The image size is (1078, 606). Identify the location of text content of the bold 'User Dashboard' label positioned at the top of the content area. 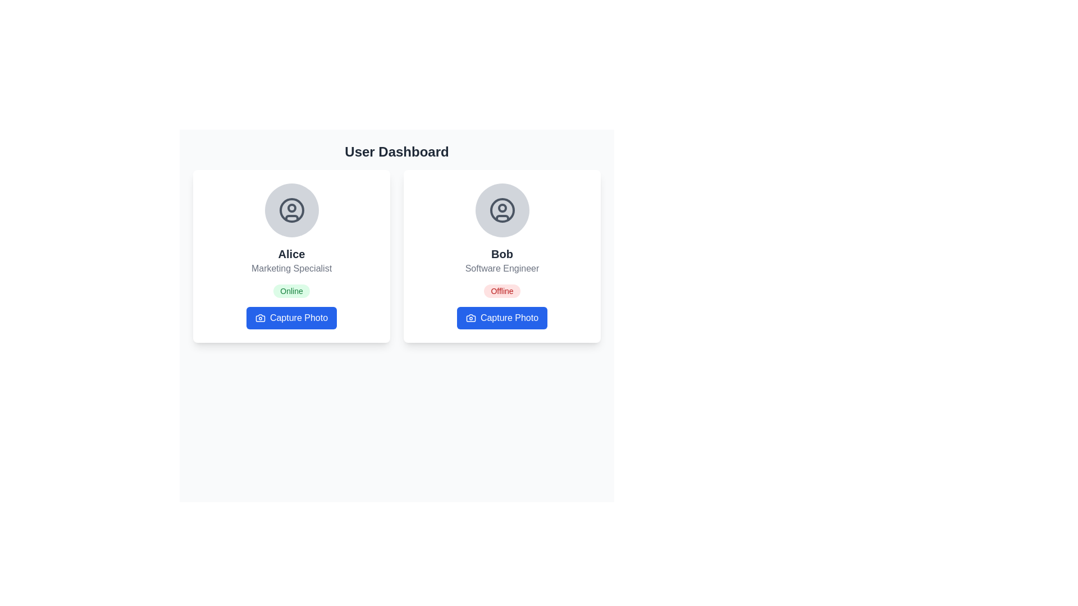
(396, 151).